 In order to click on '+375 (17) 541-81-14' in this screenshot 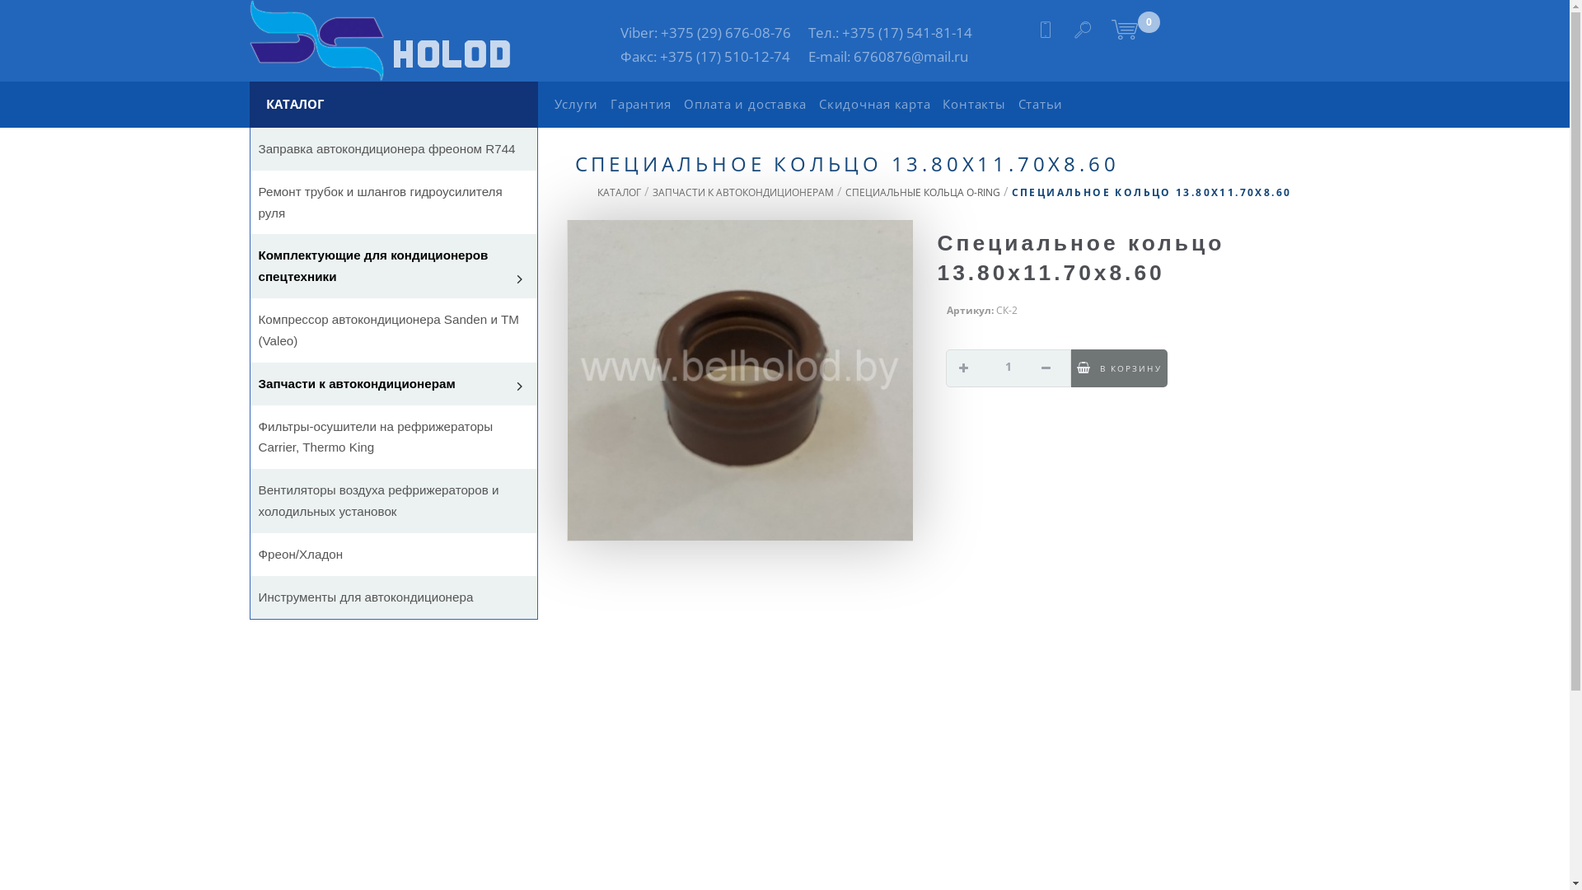, I will do `click(906, 32)`.